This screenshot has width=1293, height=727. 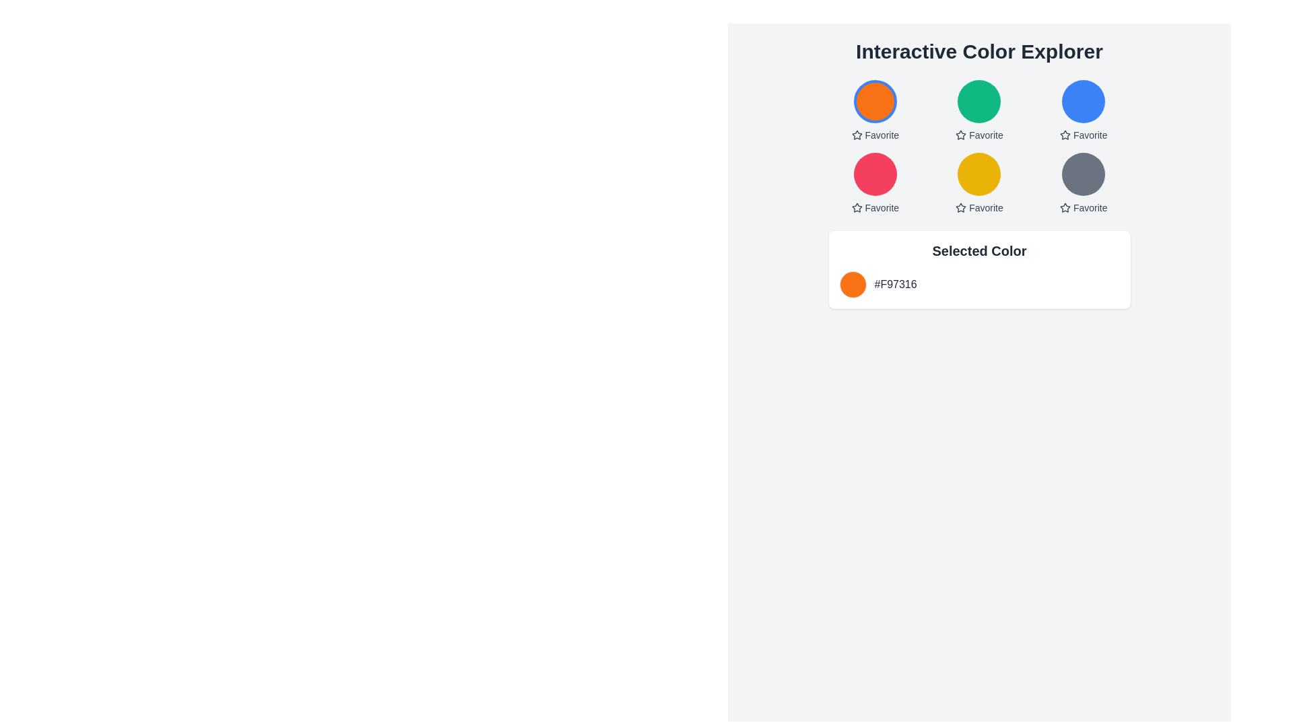 I want to click on the Favorite icon located to the left of the 'Favorite' label, so click(x=960, y=207).